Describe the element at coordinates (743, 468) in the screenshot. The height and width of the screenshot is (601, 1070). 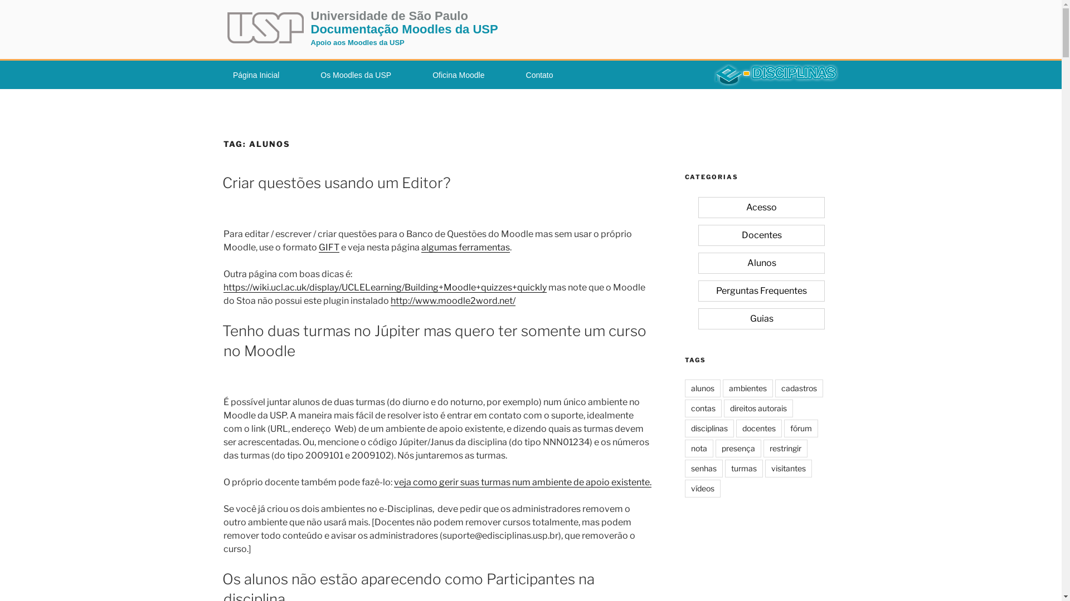
I see `'turmas'` at that location.